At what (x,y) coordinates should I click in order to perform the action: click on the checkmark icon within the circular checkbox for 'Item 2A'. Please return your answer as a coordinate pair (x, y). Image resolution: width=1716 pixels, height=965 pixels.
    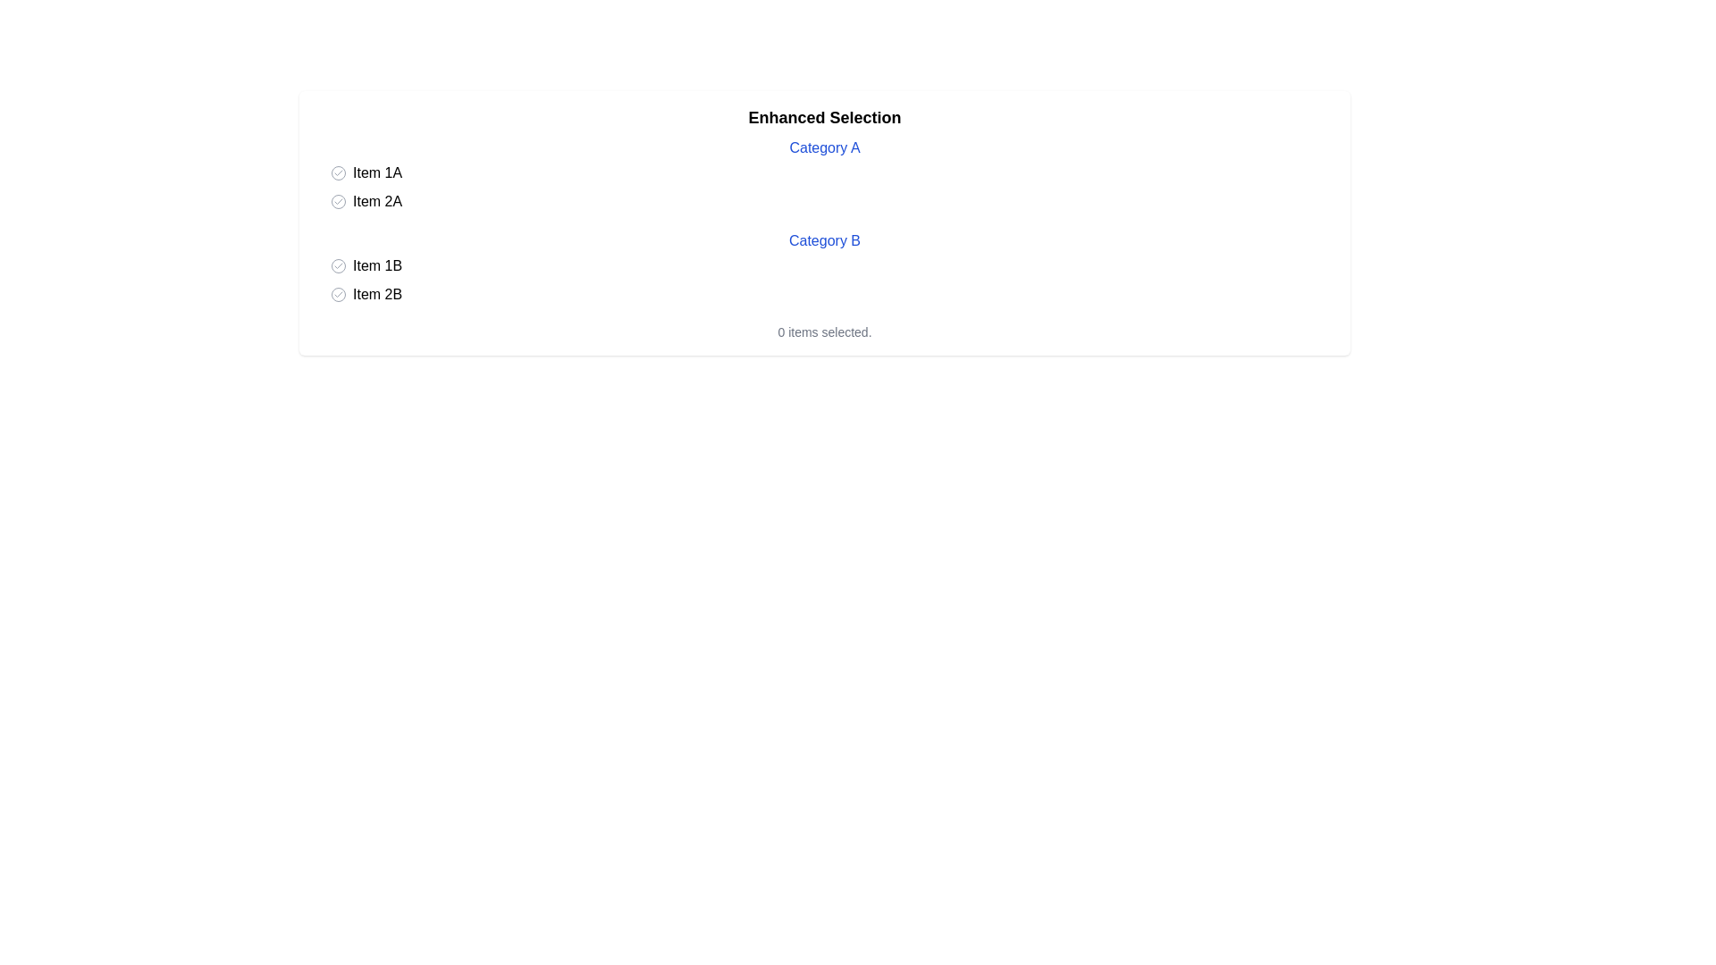
    Looking at the image, I should click on (339, 201).